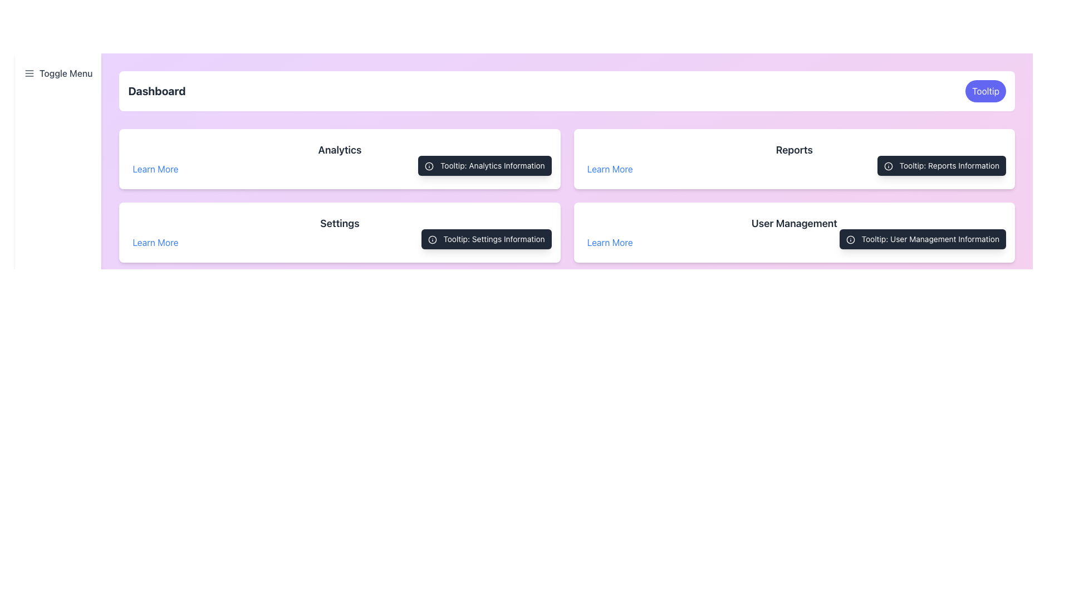 This screenshot has width=1069, height=601. I want to click on the information tooltip icon located to the left of the text 'Tooltip: Settings Information' in the settings section, so click(431, 239).